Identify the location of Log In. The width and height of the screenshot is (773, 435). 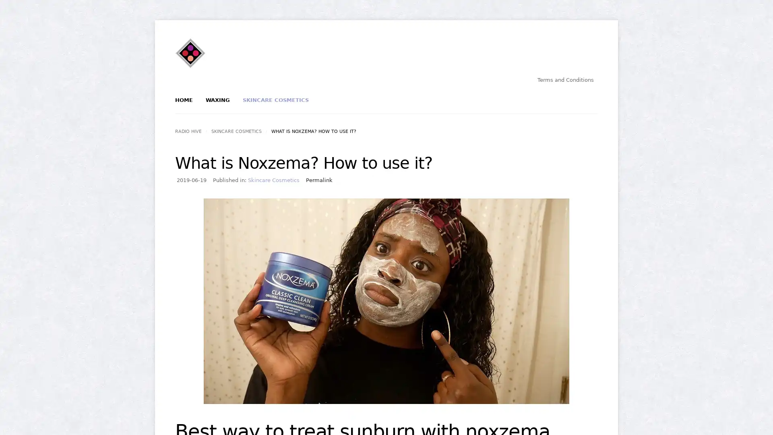
(358, 136).